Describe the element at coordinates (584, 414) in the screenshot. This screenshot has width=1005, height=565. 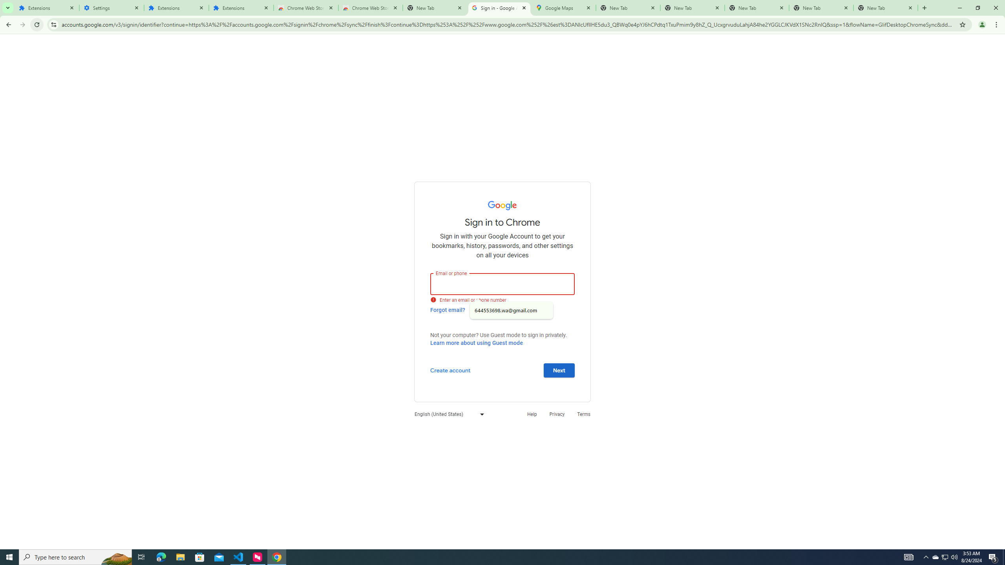
I see `'Terms'` at that location.